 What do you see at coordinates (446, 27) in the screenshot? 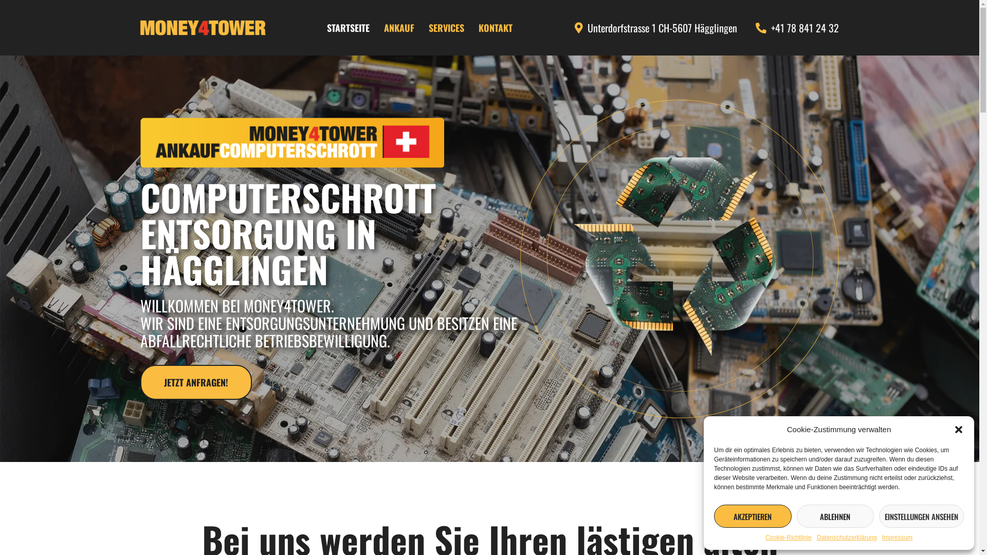
I see `'SERVICES'` at bounding box center [446, 27].